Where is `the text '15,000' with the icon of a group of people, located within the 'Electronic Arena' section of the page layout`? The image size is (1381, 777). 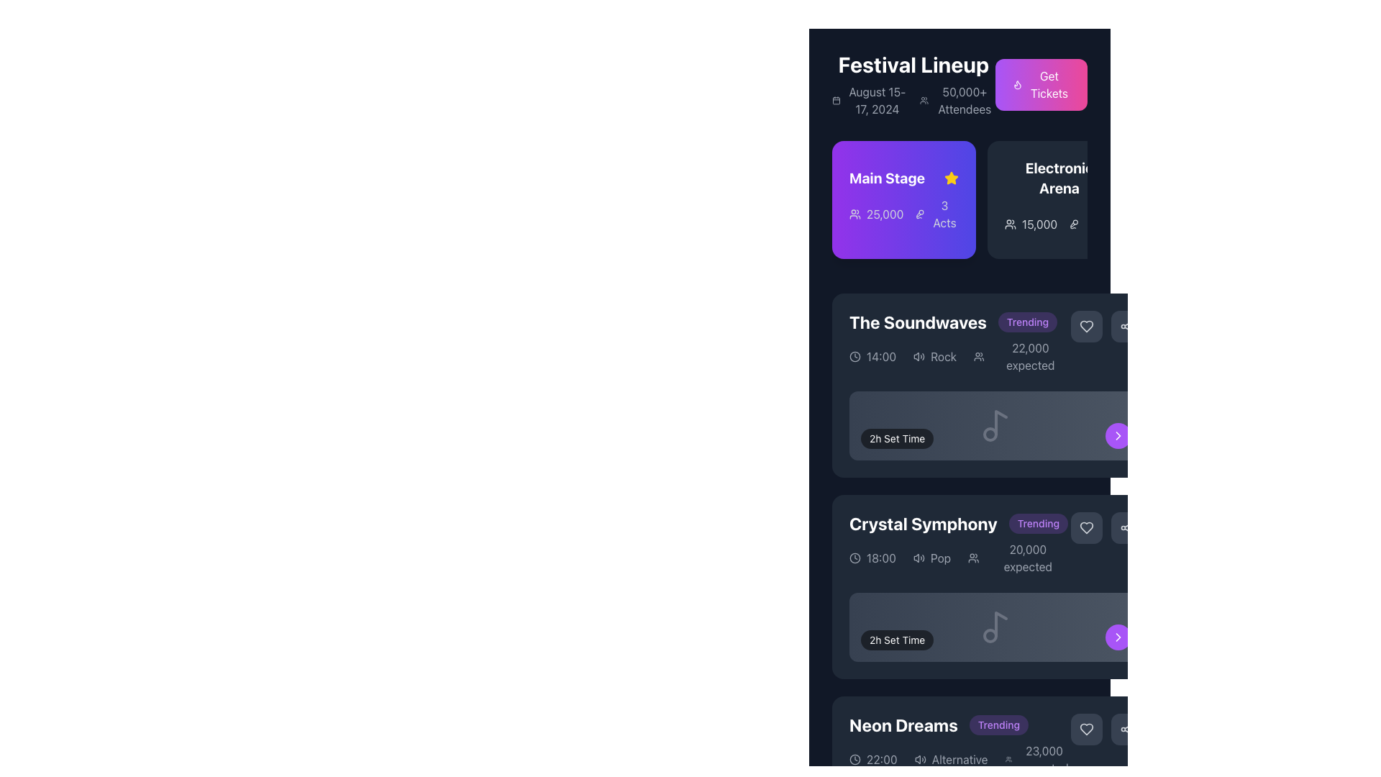 the text '15,000' with the icon of a group of people, located within the 'Electronic Arena' section of the page layout is located at coordinates (1030, 224).